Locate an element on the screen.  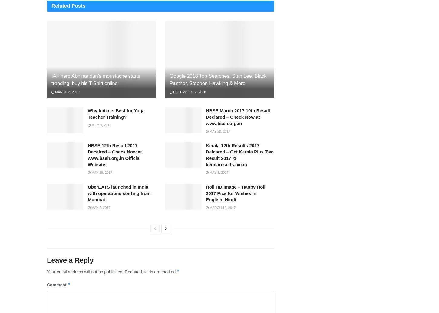
'Google 2018 Top Searches: Stan Lee, Black Panther, Stephen Hawking & More' is located at coordinates (218, 79).